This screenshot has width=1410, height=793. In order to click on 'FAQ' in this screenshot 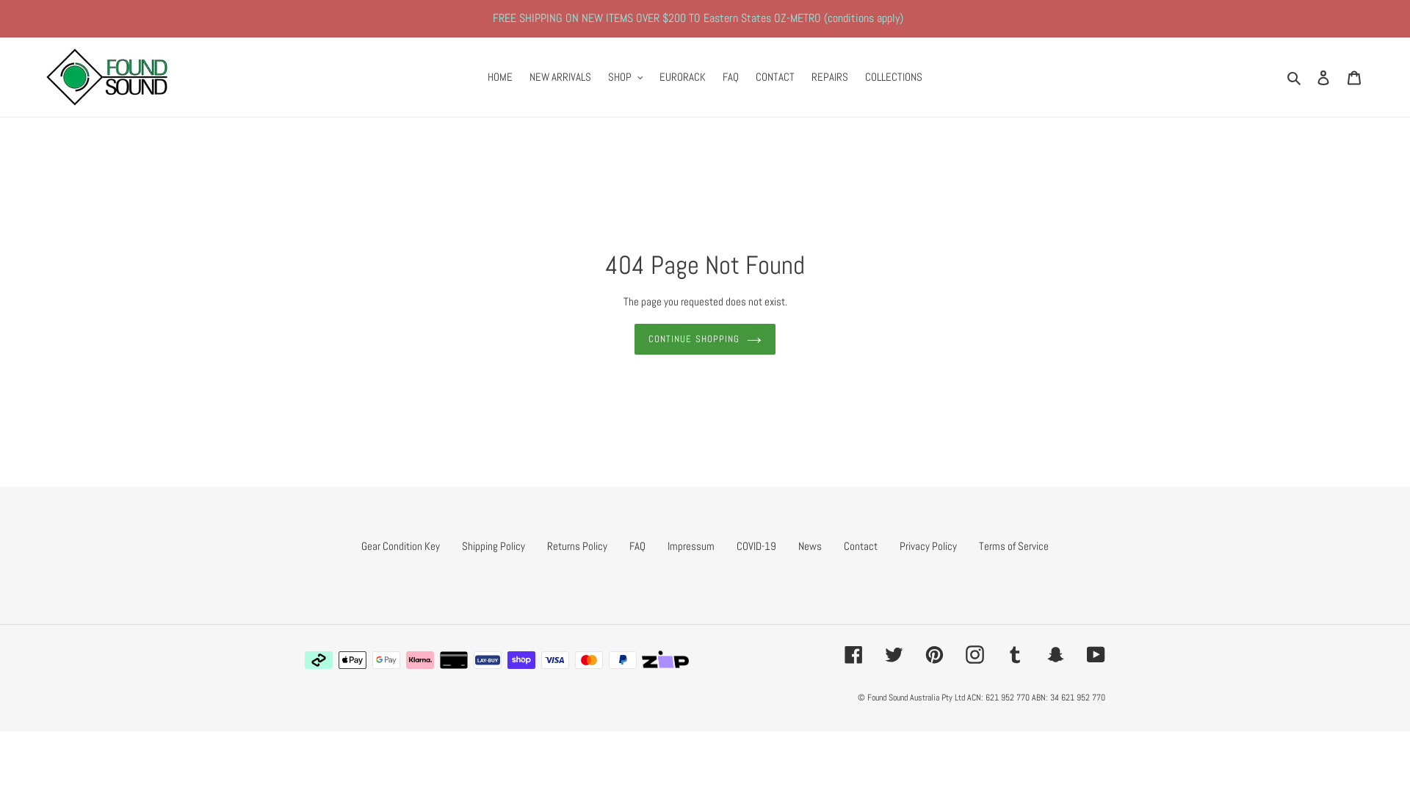, I will do `click(730, 77)`.